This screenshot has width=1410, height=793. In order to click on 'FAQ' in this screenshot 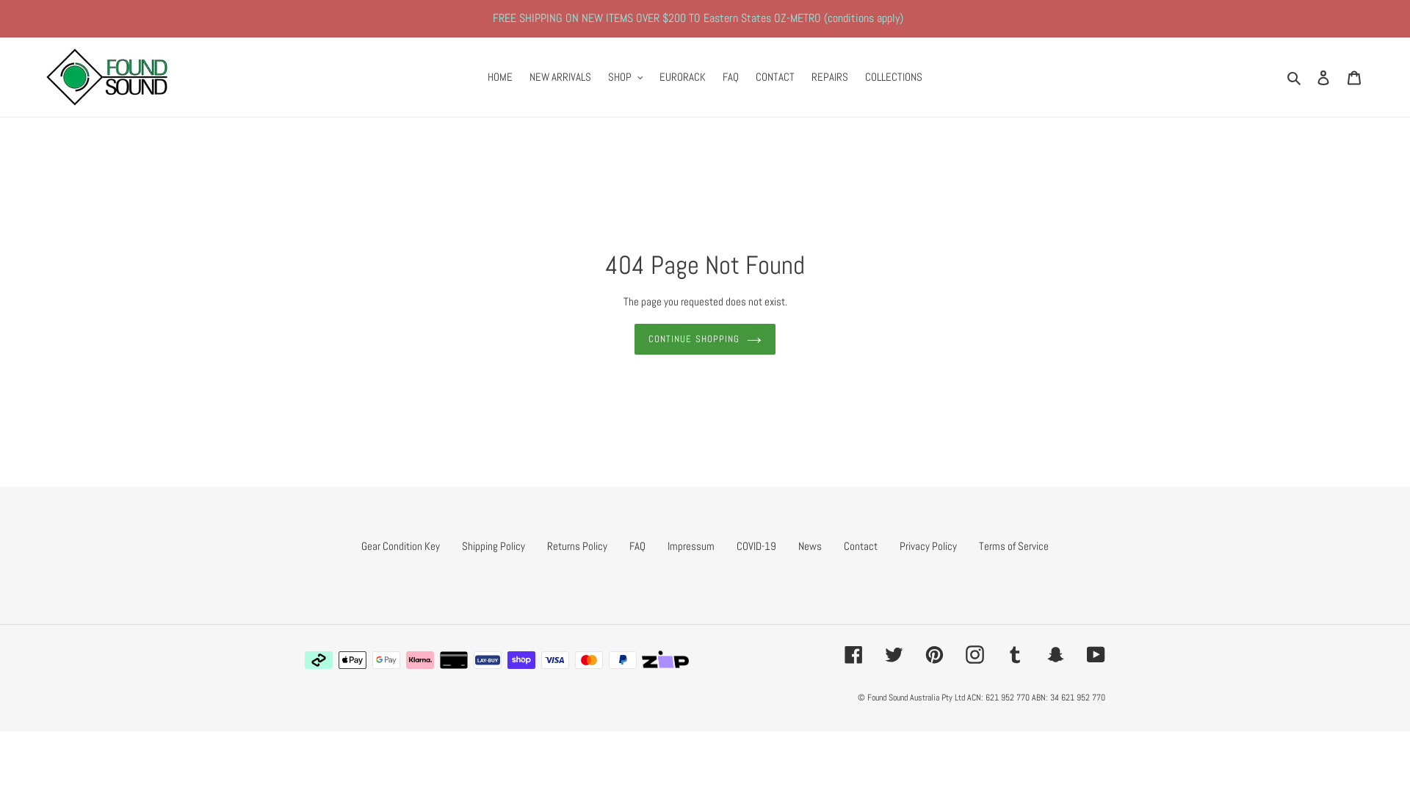, I will do `click(730, 77)`.